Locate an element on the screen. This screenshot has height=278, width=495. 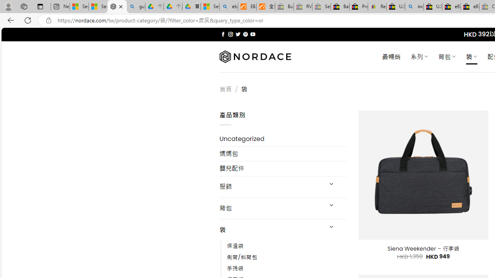
'Follow on Instagram' is located at coordinates (230, 34).